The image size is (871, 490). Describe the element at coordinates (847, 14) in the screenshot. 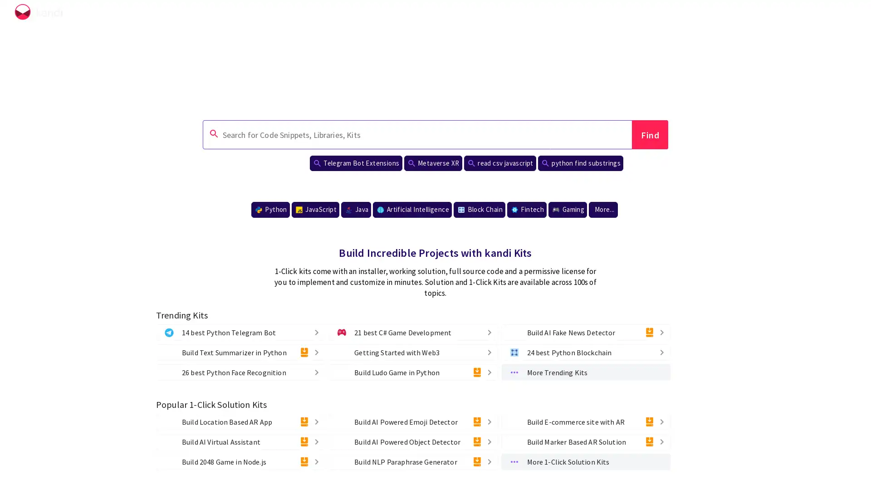

I see `menu` at that location.